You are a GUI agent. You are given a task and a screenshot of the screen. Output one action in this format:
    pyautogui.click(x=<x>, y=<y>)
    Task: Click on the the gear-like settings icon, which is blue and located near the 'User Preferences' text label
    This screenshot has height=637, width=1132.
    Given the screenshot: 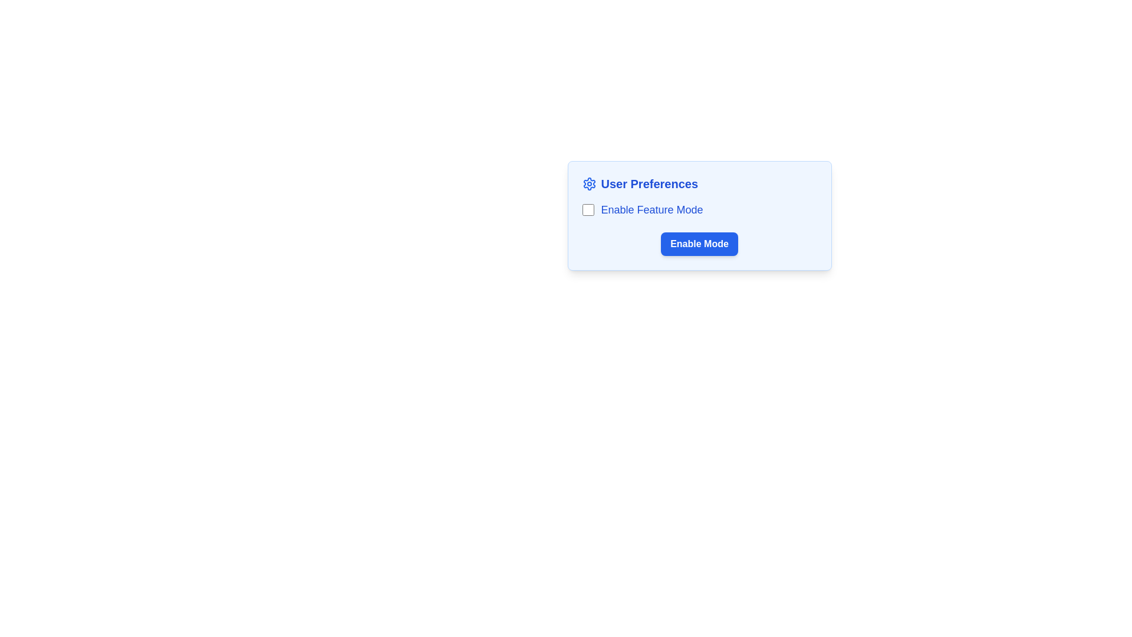 What is the action you would take?
    pyautogui.click(x=589, y=184)
    